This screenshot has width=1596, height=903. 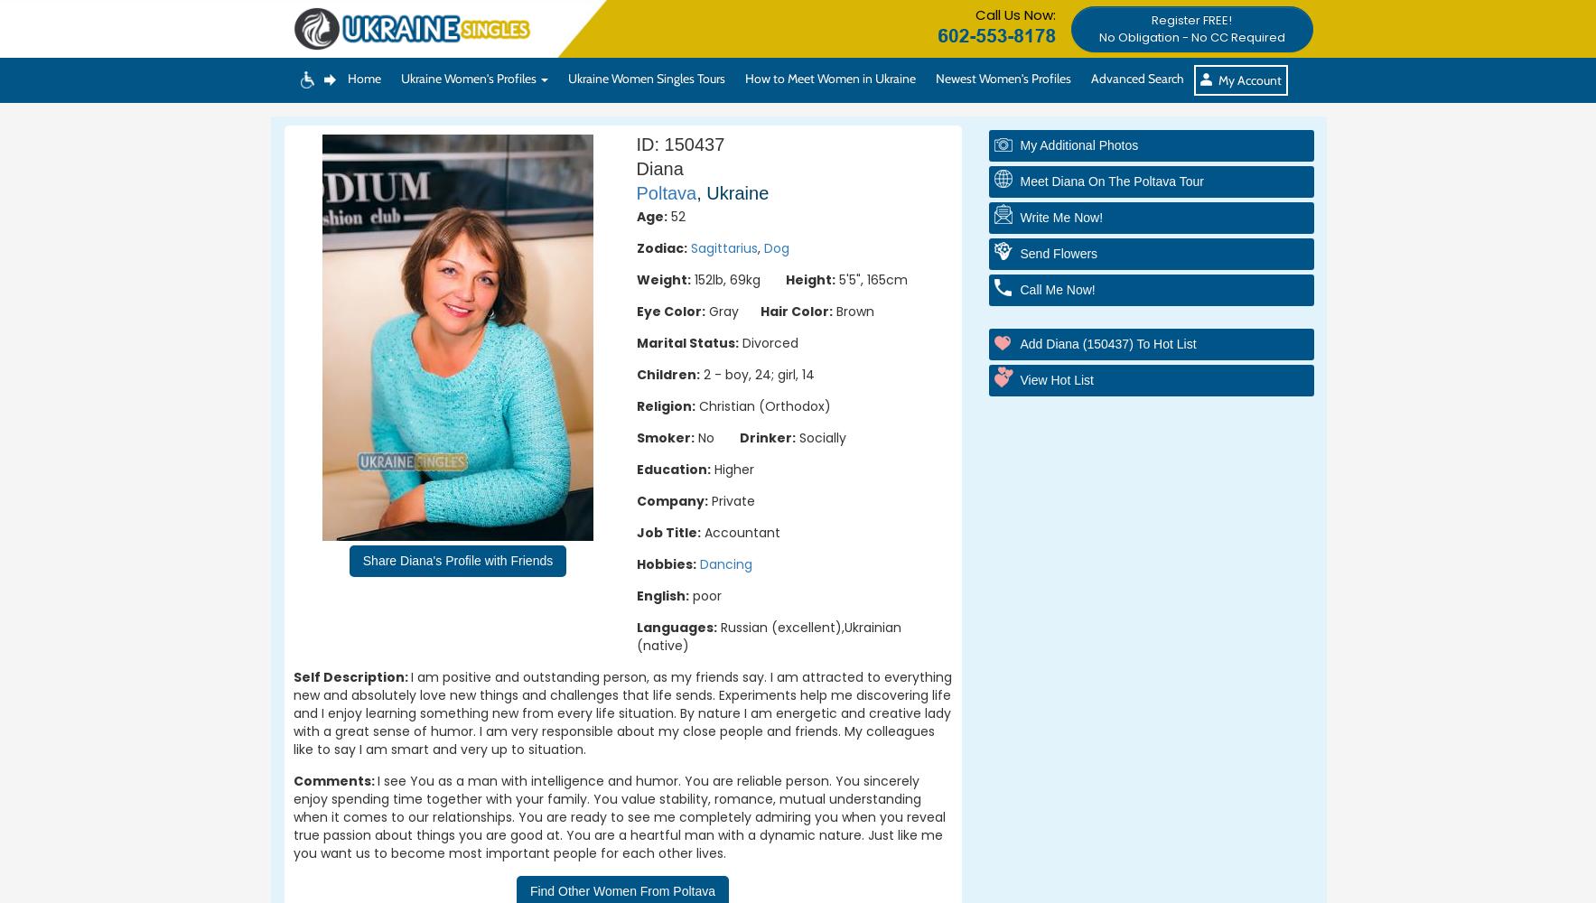 What do you see at coordinates (665, 192) in the screenshot?
I see `'Poltava'` at bounding box center [665, 192].